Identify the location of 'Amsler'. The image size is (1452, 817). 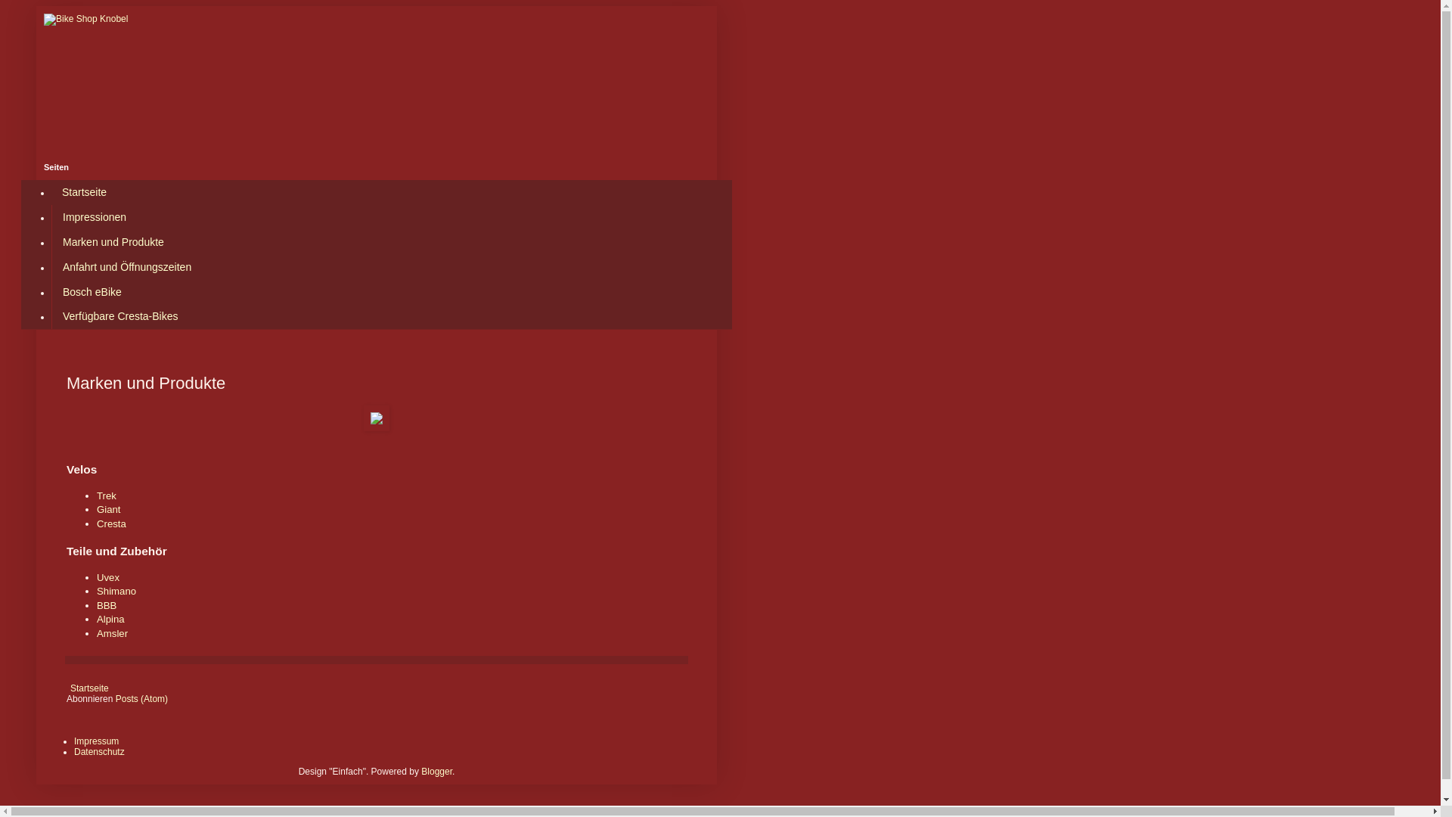
(96, 633).